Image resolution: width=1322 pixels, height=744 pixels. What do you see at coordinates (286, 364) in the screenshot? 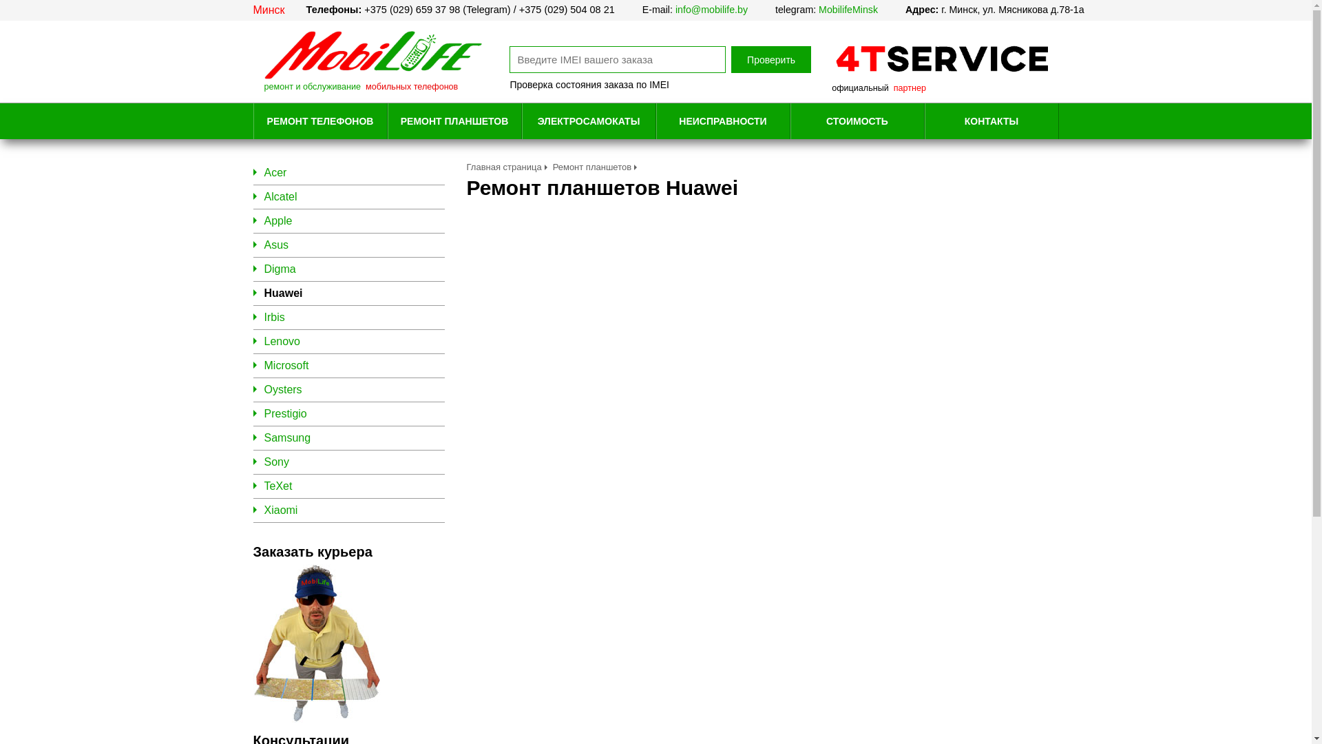
I see `'Microsoft'` at bounding box center [286, 364].